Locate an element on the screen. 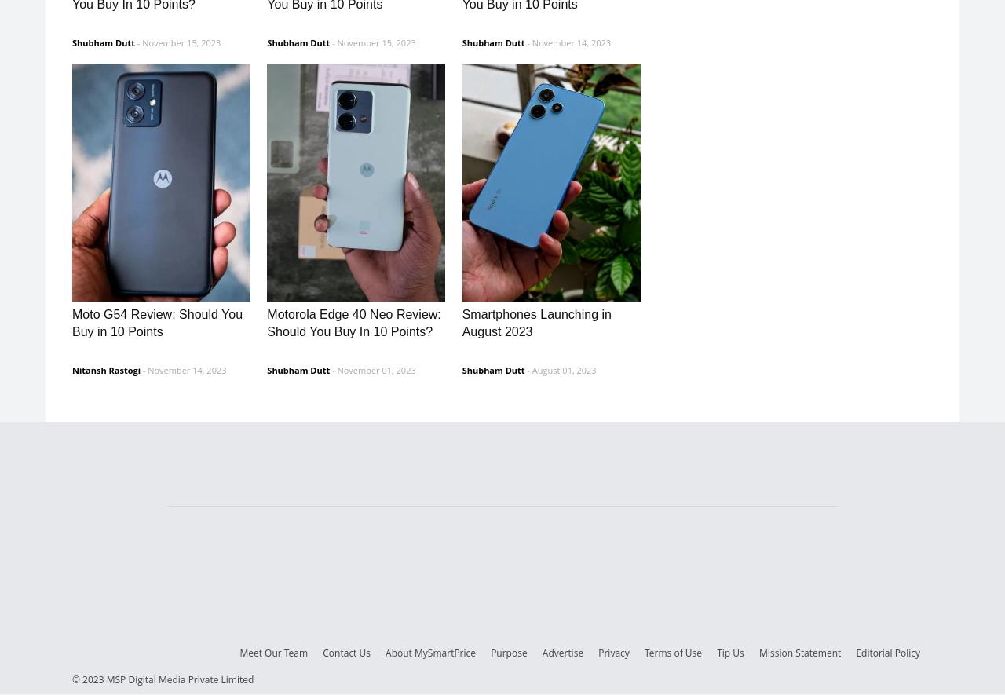 Image resolution: width=1005 pixels, height=695 pixels. 'August 01, 2023' is located at coordinates (563, 368).